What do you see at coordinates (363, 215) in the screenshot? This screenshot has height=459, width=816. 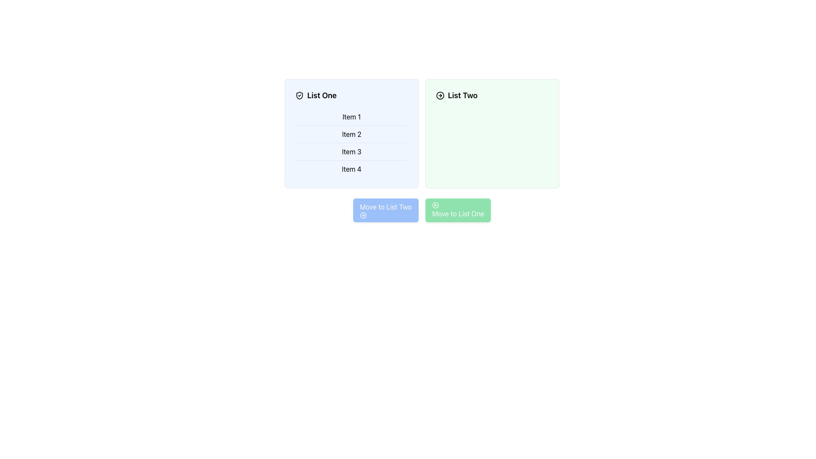 I see `the small circular icon with a rightward arrow inside, located to the left of the 'Move to List Two' button` at bounding box center [363, 215].